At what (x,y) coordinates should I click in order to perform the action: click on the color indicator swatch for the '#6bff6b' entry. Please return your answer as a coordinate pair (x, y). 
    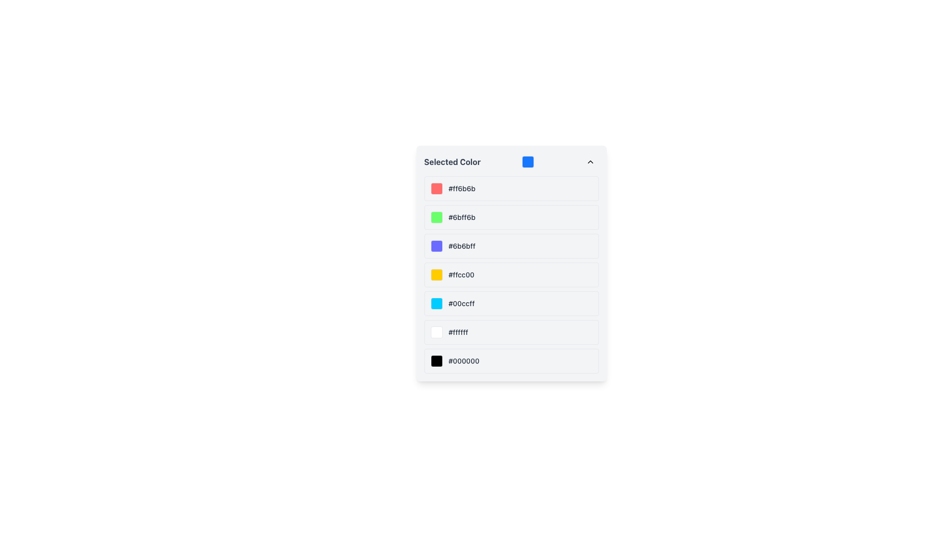
    Looking at the image, I should click on (436, 217).